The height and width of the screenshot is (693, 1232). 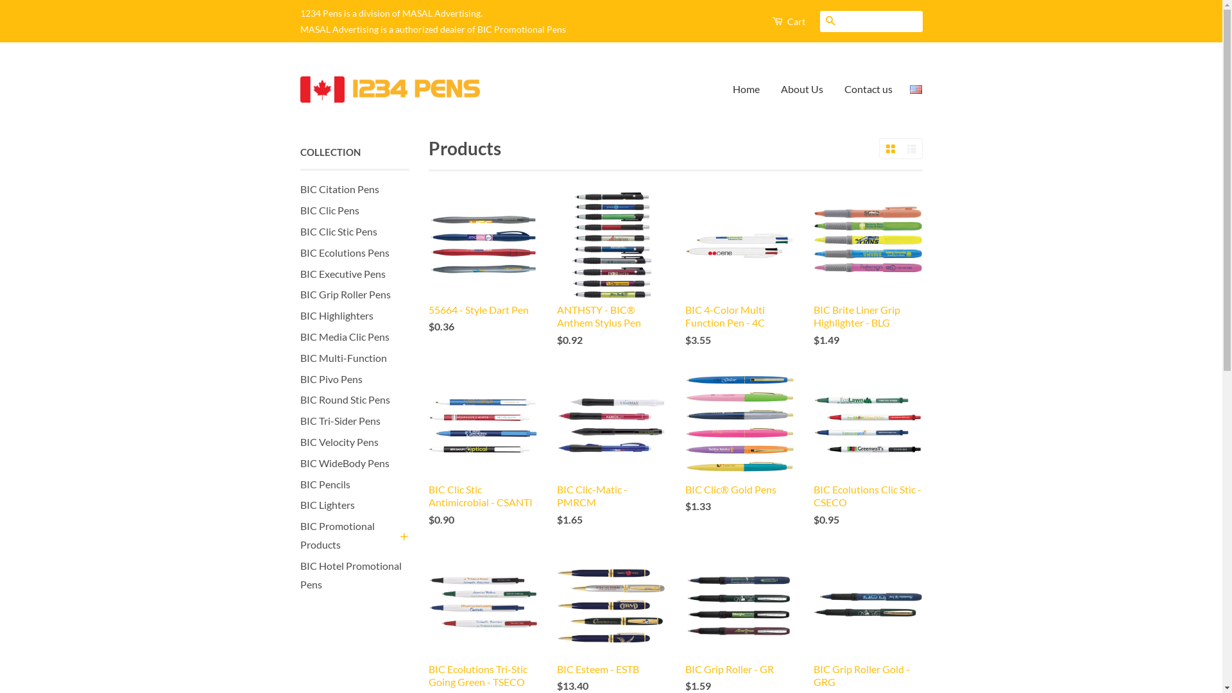 What do you see at coordinates (911, 148) in the screenshot?
I see `'List View'` at bounding box center [911, 148].